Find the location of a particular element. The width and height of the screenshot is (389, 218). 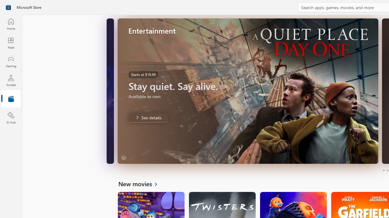

'Page 2' is located at coordinates (387, 170).